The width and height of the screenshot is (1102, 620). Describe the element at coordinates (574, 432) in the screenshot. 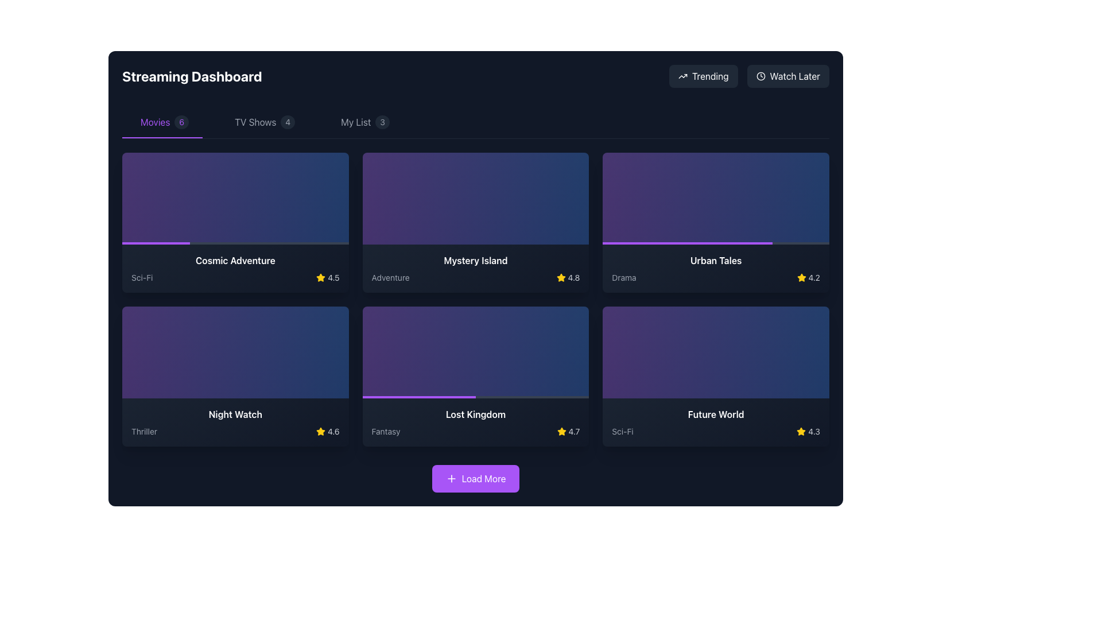

I see `the rating text located in the bottom-right corner of the 'Lost Kingdom' card, indicating its popularity or quality based on user feedback` at that location.